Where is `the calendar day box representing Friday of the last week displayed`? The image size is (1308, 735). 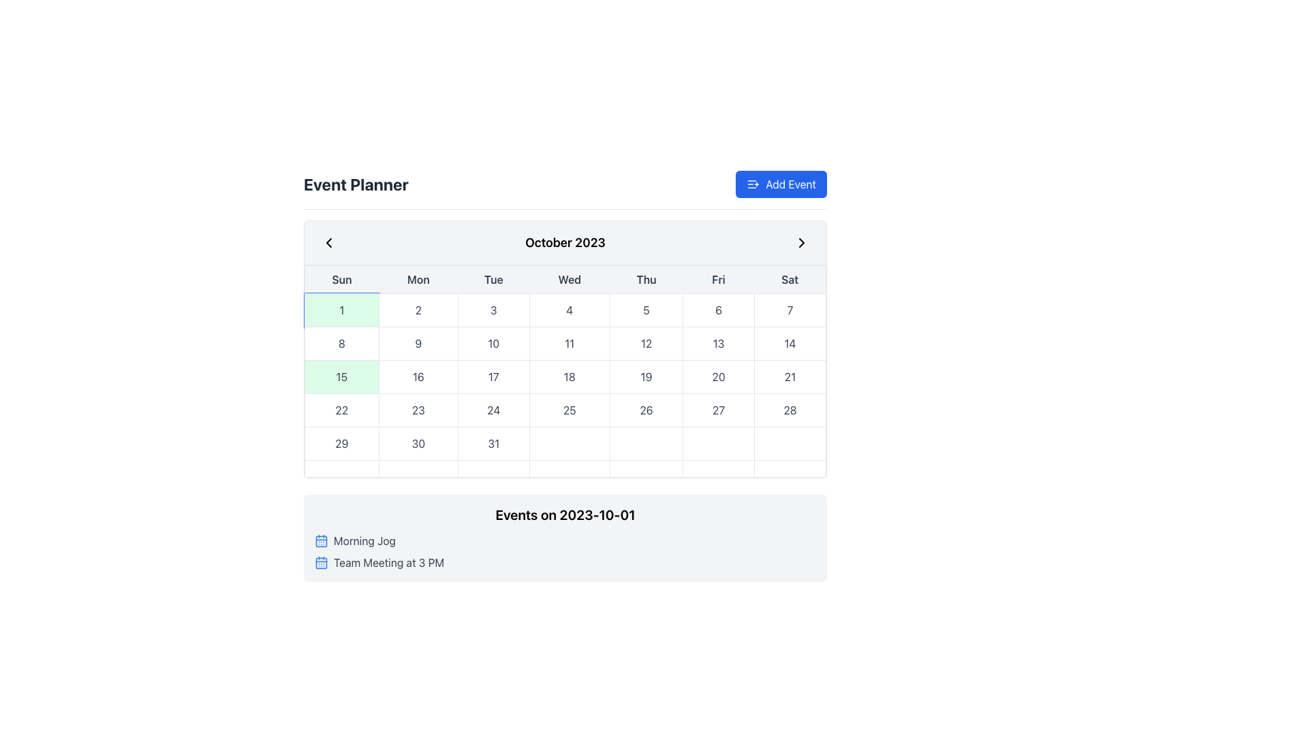 the calendar day box representing Friday of the last week displayed is located at coordinates (718, 468).